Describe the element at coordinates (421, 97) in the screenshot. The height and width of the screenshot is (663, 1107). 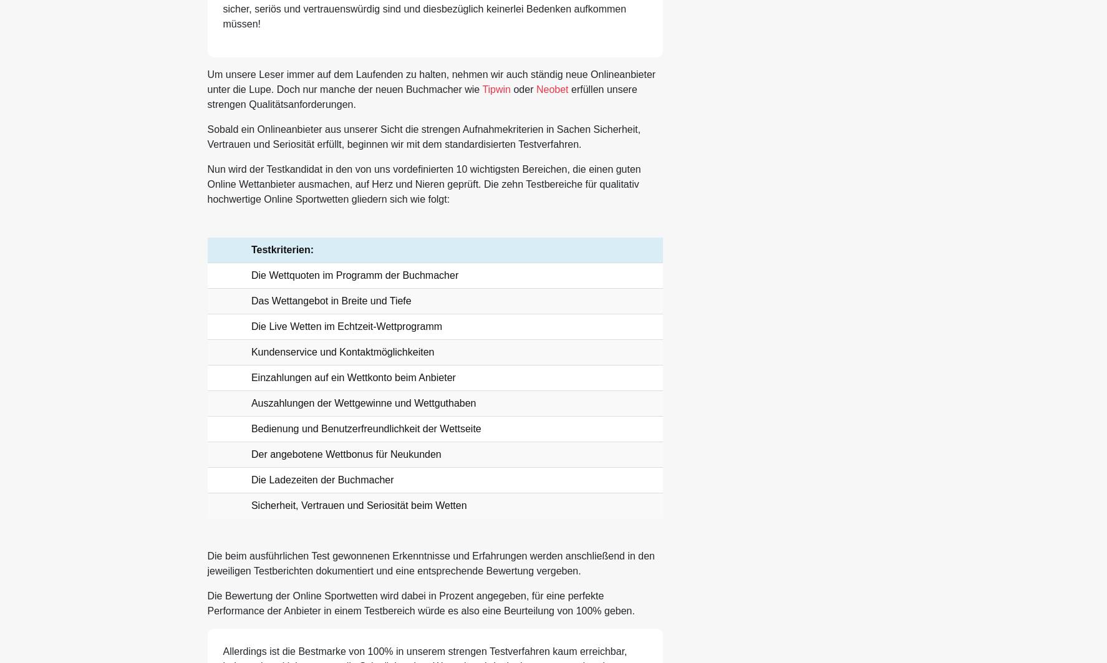
I see `'erfüllen unsere strengen Qualitätsanforderungen.'` at that location.